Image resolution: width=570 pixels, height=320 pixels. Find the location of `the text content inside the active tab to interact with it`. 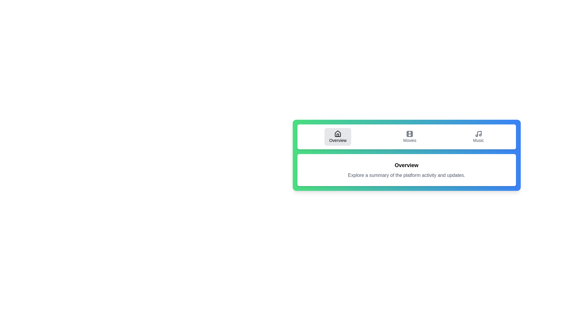

the text content inside the active tab to interact with it is located at coordinates (406, 170).